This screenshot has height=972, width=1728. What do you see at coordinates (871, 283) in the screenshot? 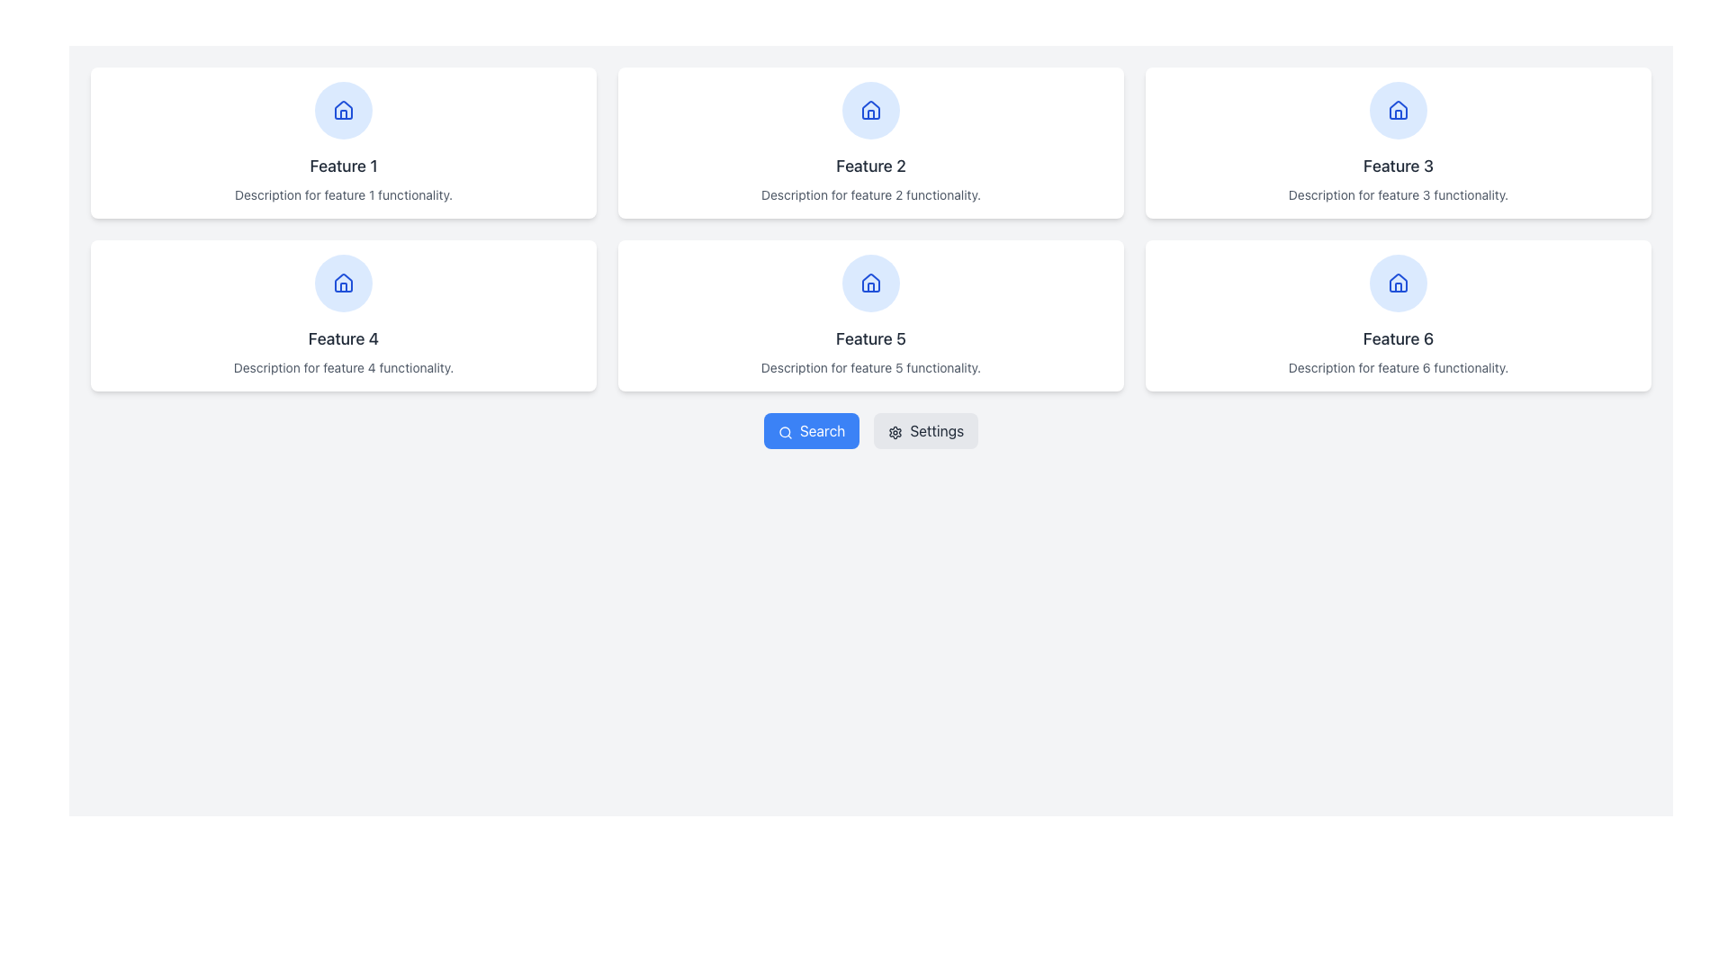
I see `the house-shaped icon with a blue stroke contained within a circular light-blue background, located in the 'Feature 5' section above the text 'Feature 5'` at bounding box center [871, 283].